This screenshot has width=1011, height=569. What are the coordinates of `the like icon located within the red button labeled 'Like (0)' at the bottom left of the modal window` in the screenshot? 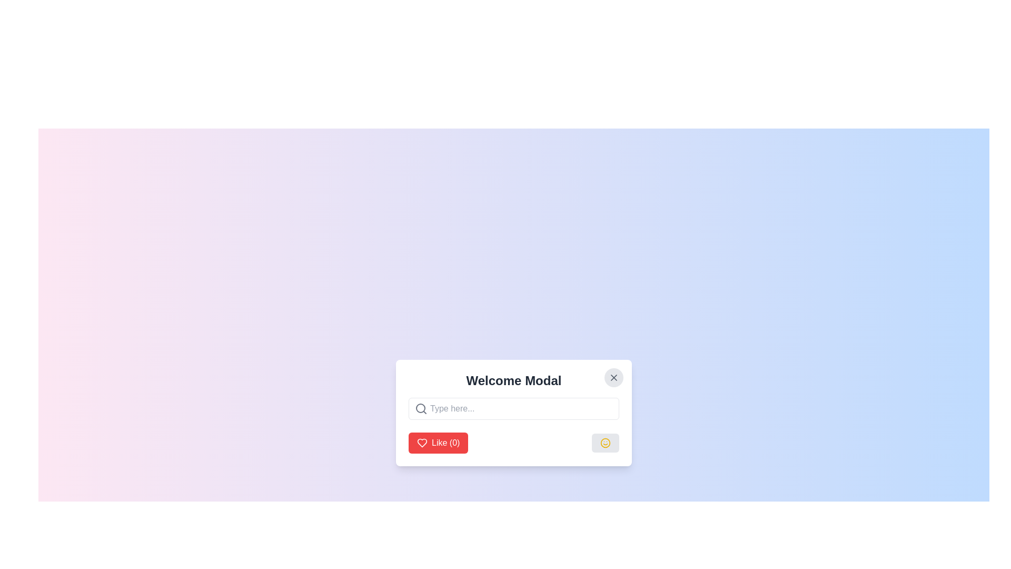 It's located at (422, 443).